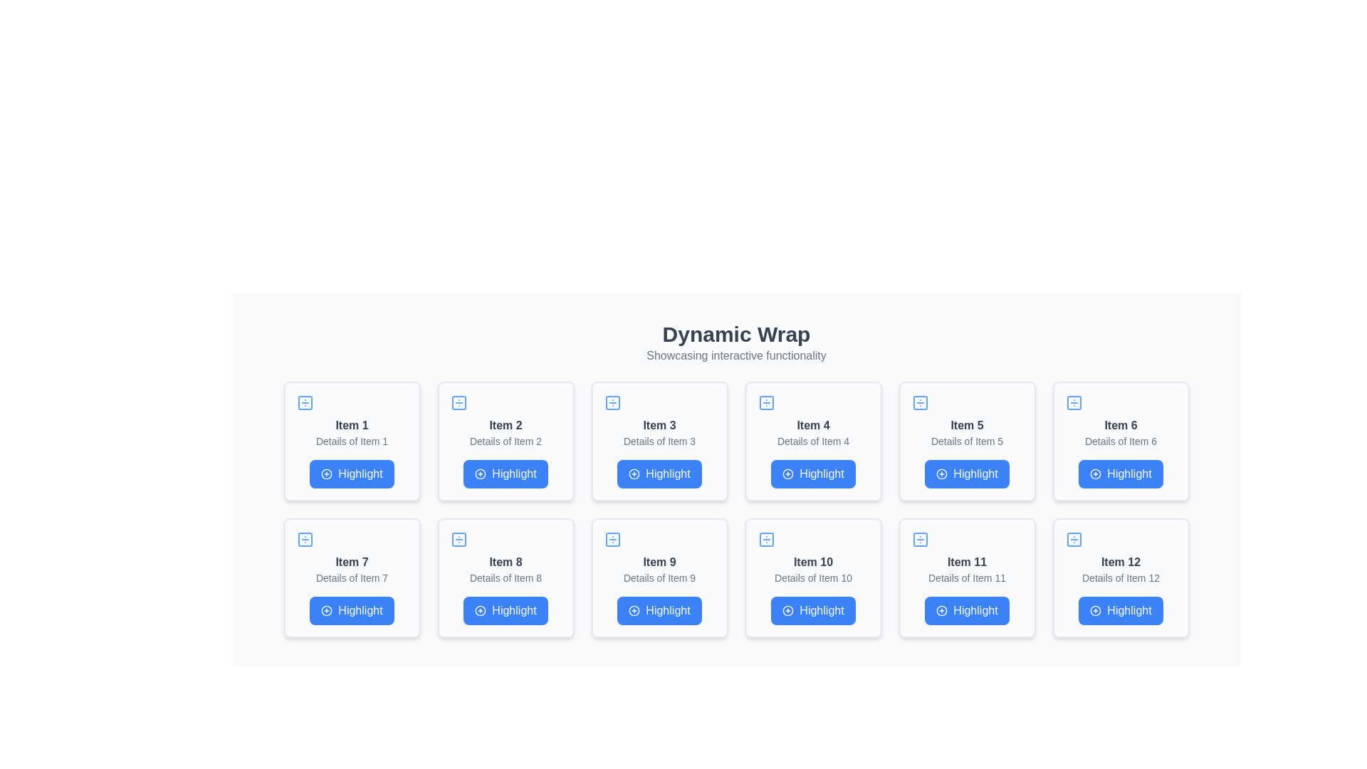 This screenshot has height=769, width=1367. I want to click on text label that says 'Item 4', which is styled in bold gray font and is the first text block within its card structure, so click(813, 424).